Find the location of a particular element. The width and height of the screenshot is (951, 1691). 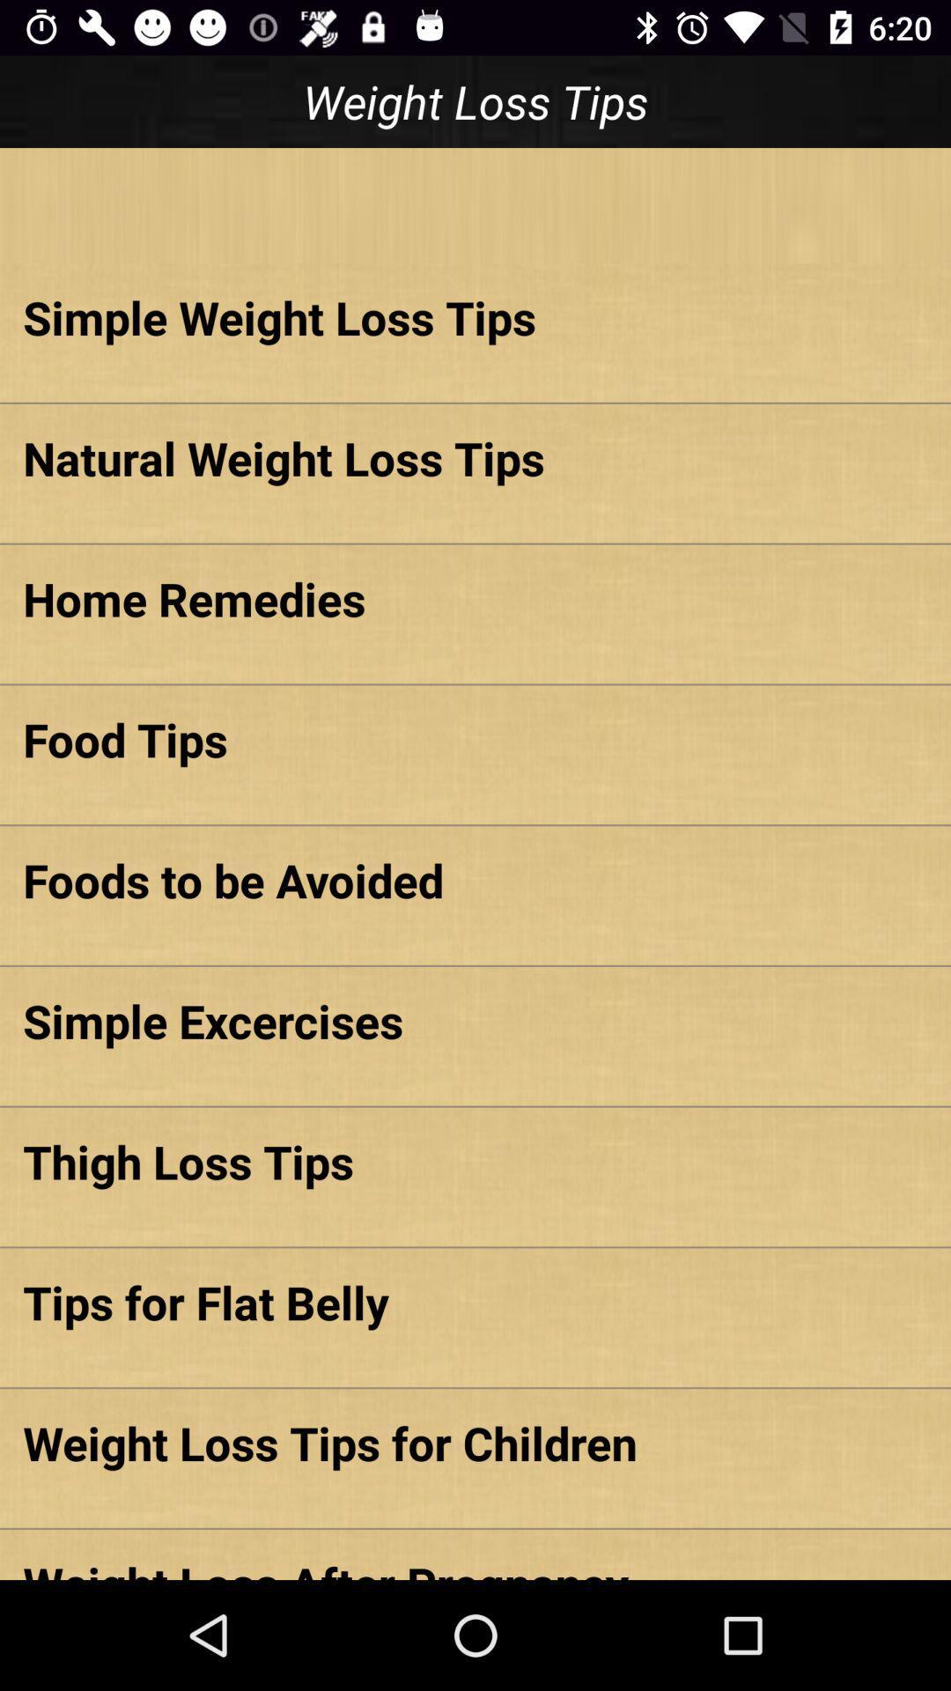

app below foods to be app is located at coordinates (475, 1021).